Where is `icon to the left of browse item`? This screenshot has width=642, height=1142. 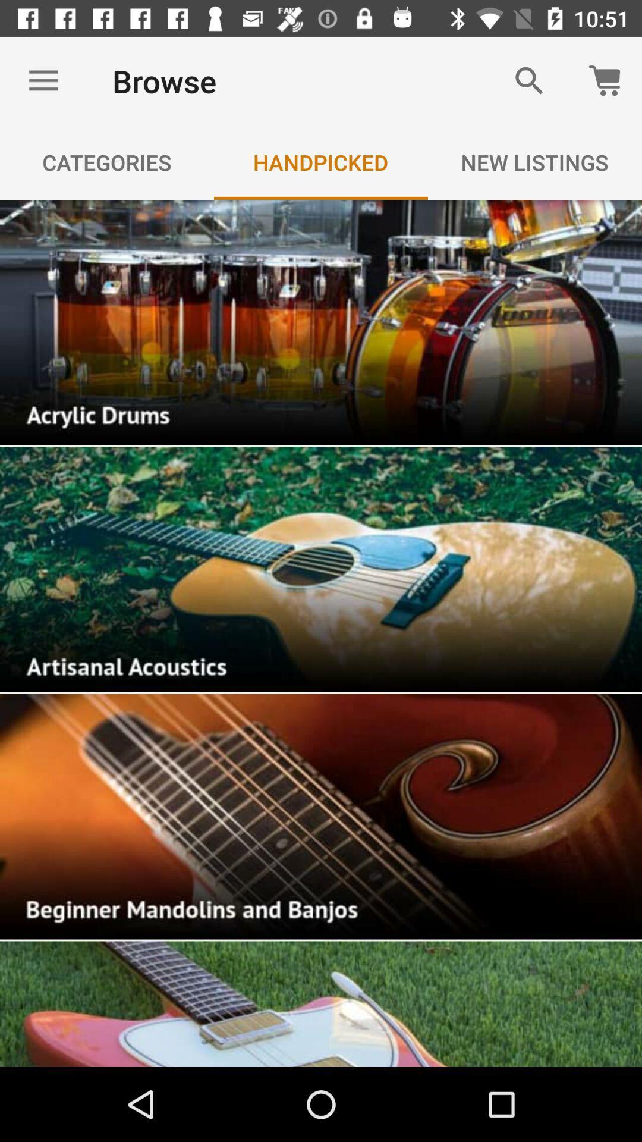
icon to the left of browse item is located at coordinates (43, 80).